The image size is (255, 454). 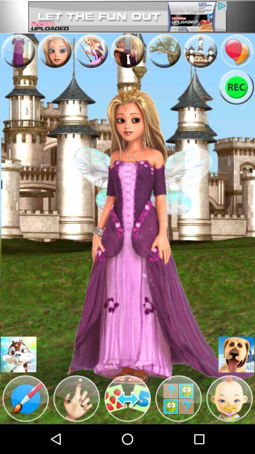 I want to click on opens a character modification section on the app, so click(x=76, y=398).